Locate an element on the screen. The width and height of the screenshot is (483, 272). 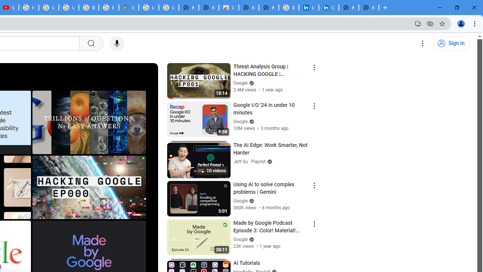
'Google Maps' is located at coordinates (129, 8).